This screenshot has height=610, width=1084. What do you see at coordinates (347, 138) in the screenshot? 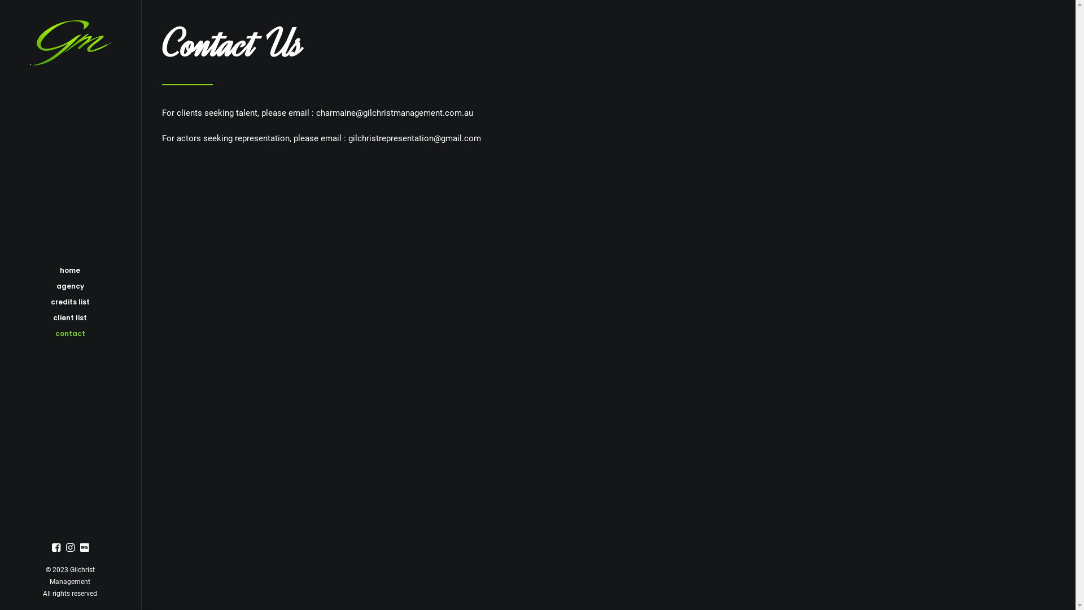
I see `'gilchristrepresentation@gmail.com'` at bounding box center [347, 138].